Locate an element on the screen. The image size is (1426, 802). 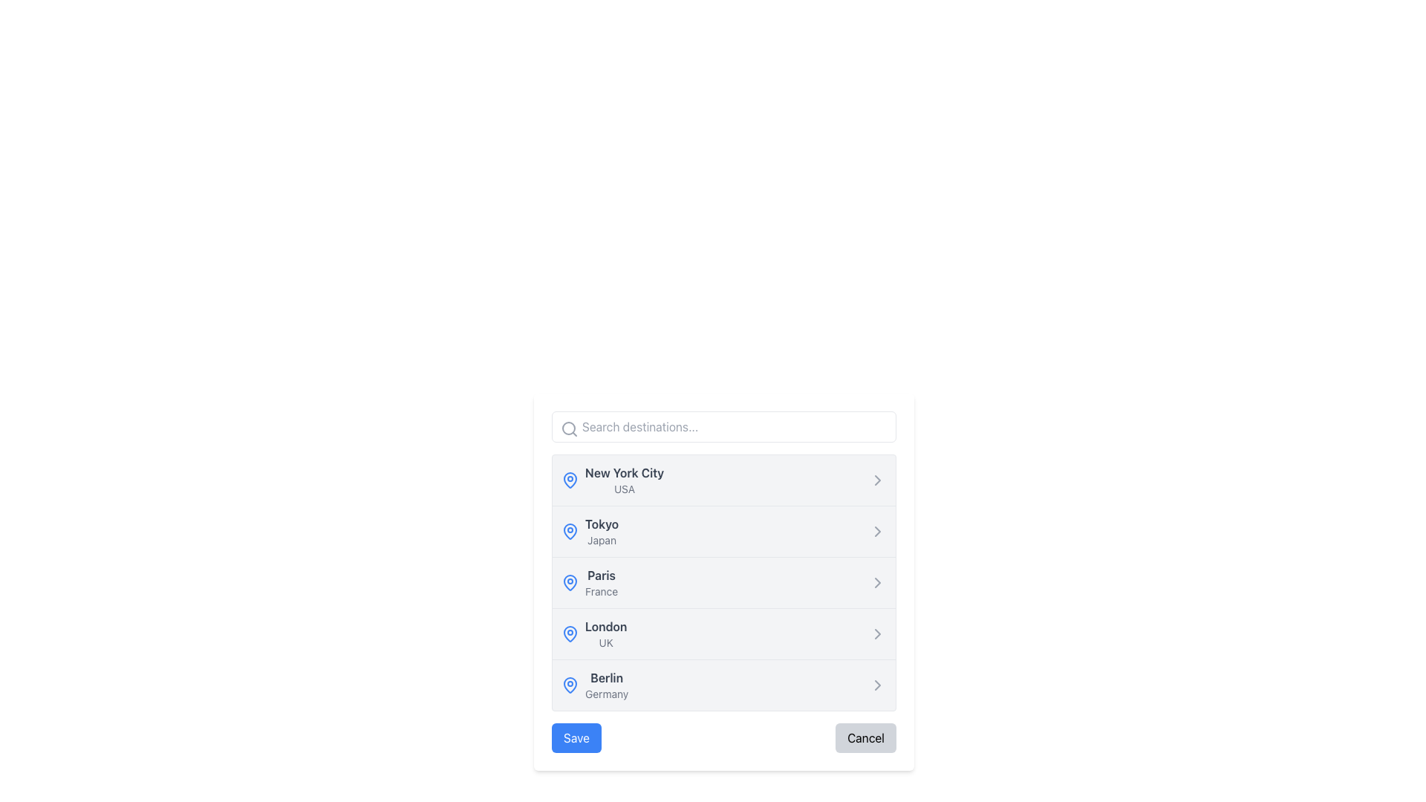
the selectable list entry for London, UK is located at coordinates (606, 633).